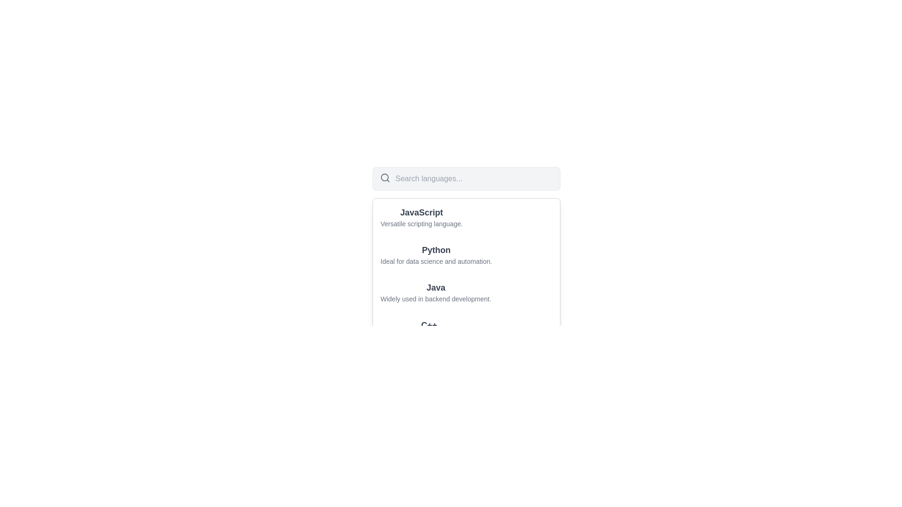  Describe the element at coordinates (385, 177) in the screenshot. I see `the inner circular component of the magnifying glass icon, which is represented as a small circle with a radius of approximately 8 units within the SVG graphic` at that location.